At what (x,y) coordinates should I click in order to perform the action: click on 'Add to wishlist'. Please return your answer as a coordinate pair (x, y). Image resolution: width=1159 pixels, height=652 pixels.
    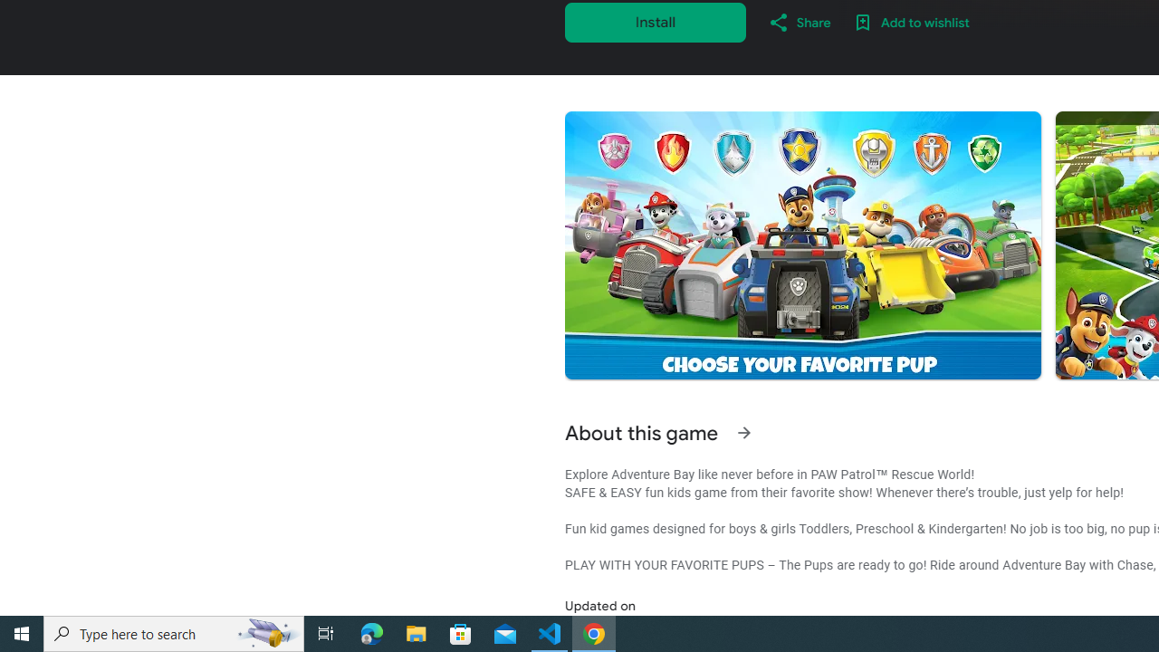
    Looking at the image, I should click on (911, 22).